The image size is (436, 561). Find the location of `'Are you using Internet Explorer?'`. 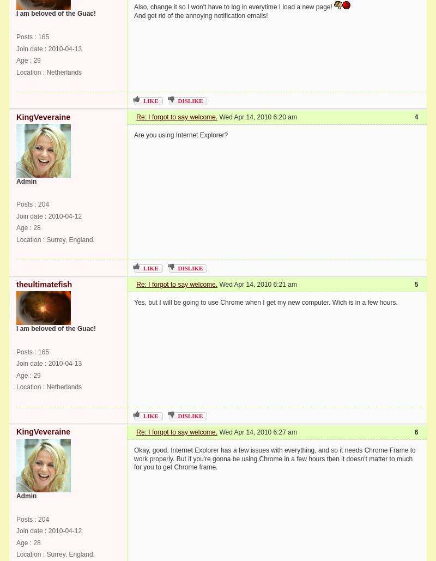

'Are you using Internet Explorer?' is located at coordinates (180, 134).